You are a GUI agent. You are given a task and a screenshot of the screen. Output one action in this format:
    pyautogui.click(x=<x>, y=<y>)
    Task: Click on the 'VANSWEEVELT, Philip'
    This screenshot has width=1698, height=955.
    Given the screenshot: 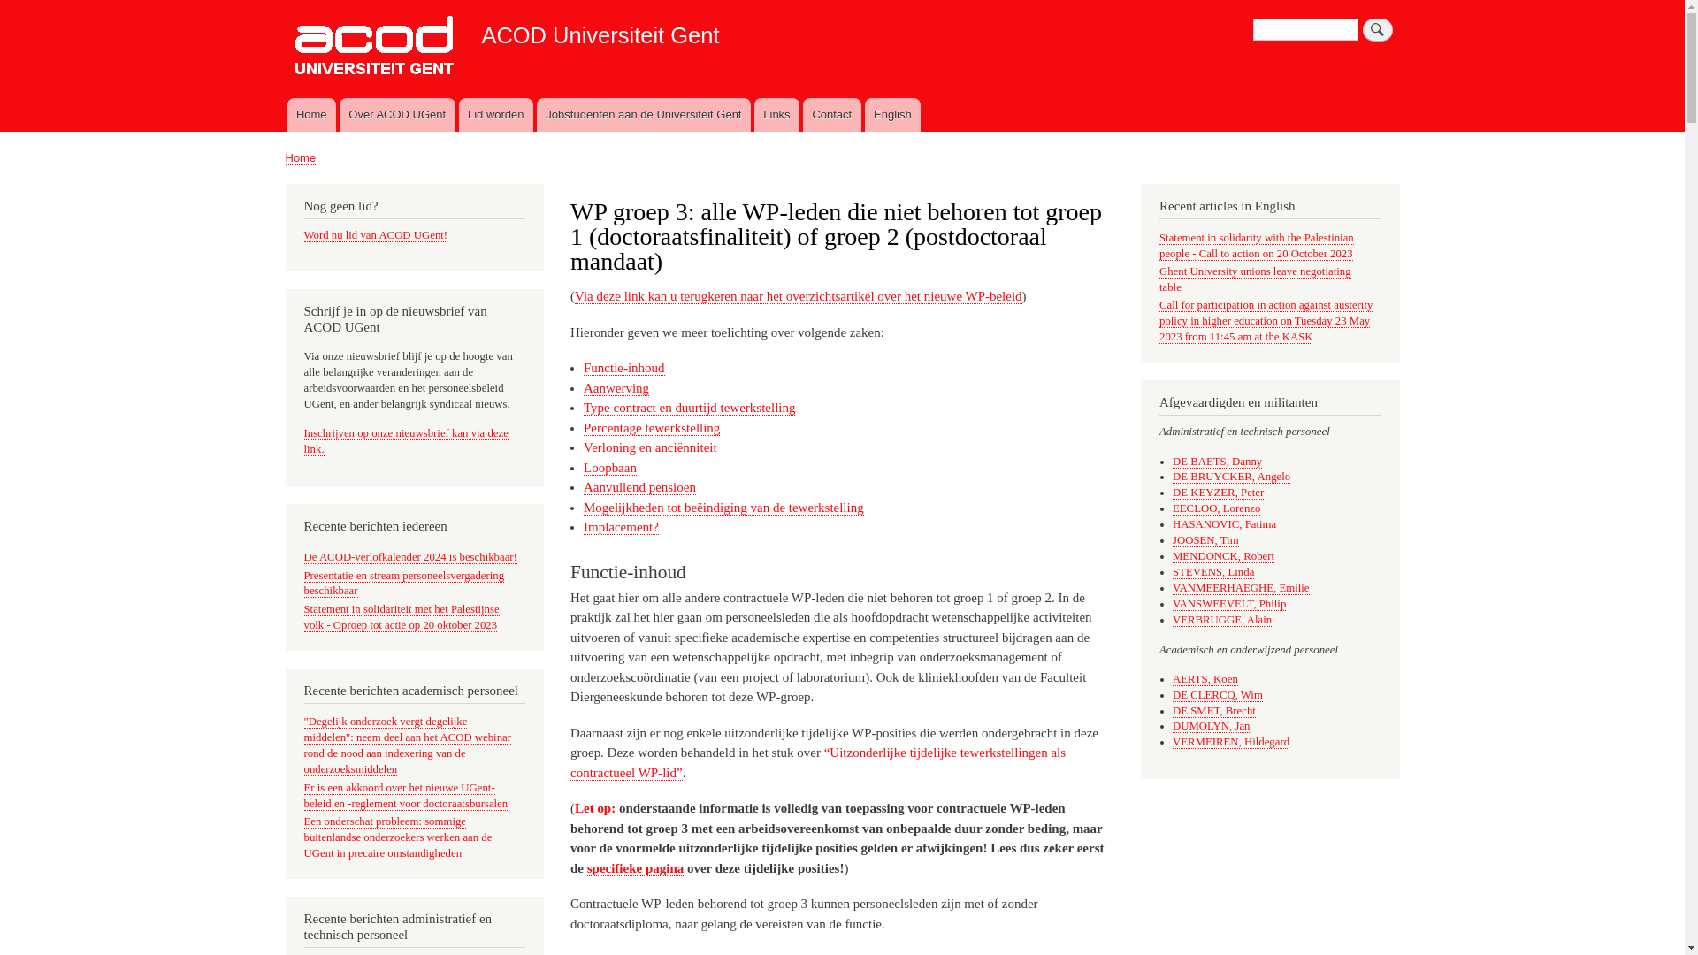 What is the action you would take?
    pyautogui.click(x=1228, y=603)
    